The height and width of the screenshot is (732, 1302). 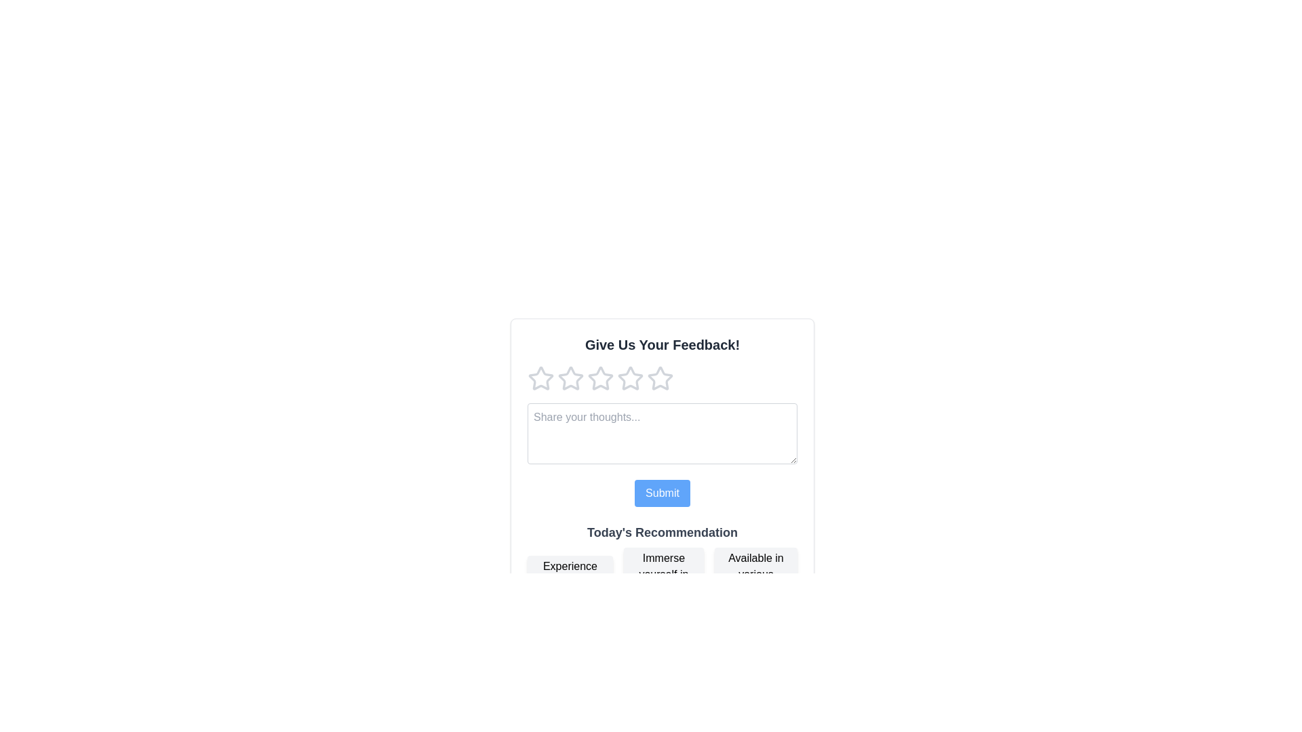 What do you see at coordinates (540, 379) in the screenshot?
I see `the first star icon in the five-star rating component` at bounding box center [540, 379].